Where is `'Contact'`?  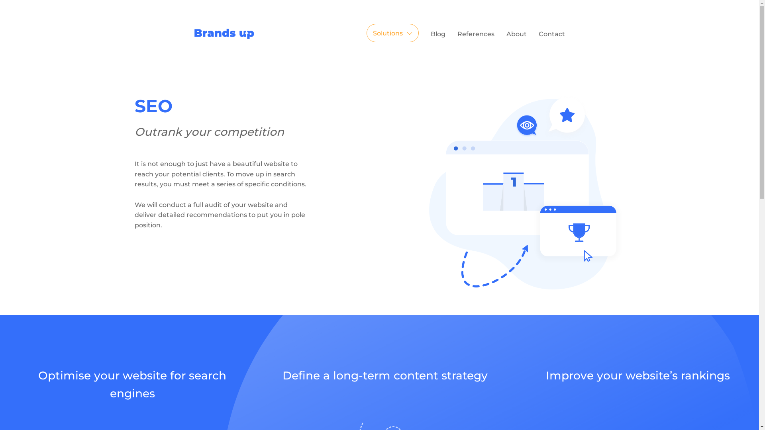
'Contact' is located at coordinates (551, 33).